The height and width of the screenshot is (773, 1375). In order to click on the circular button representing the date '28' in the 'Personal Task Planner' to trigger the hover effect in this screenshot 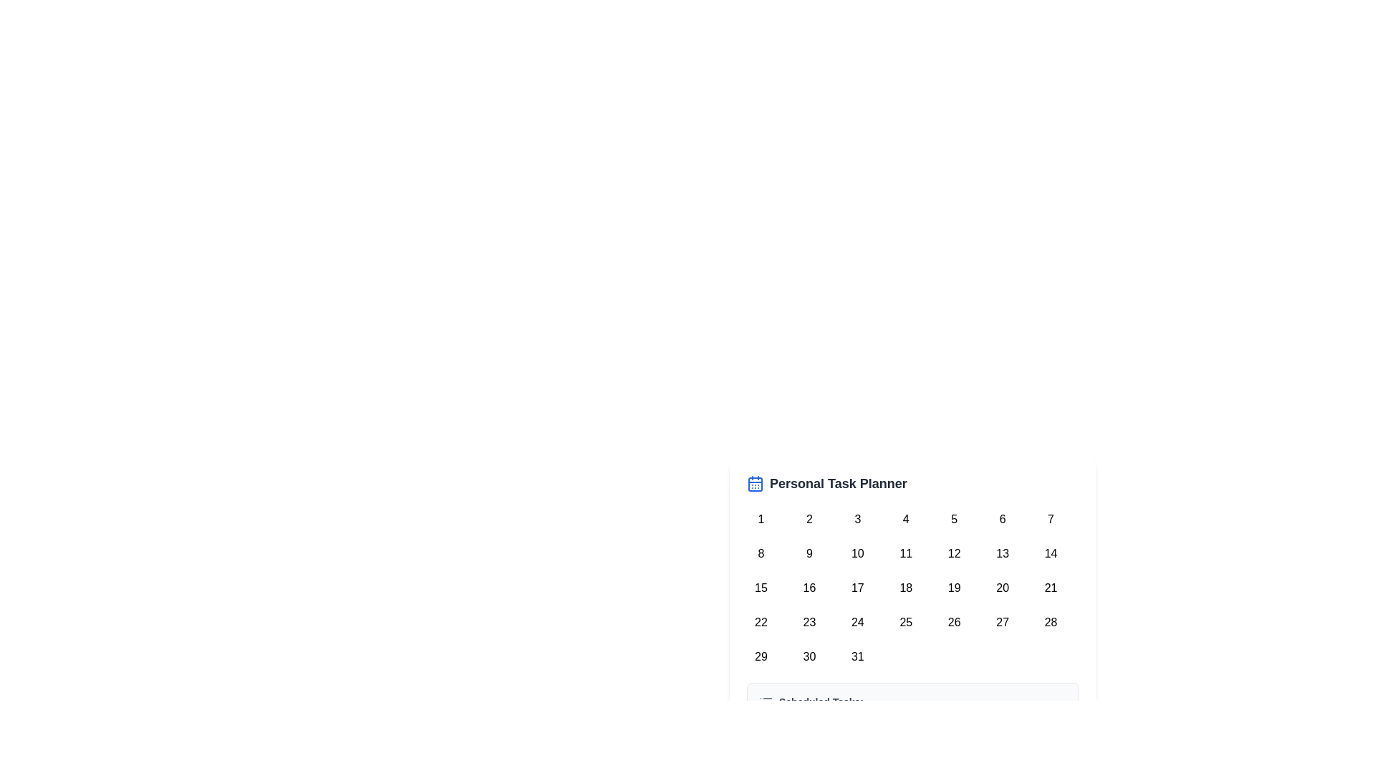, I will do `click(1051, 622)`.